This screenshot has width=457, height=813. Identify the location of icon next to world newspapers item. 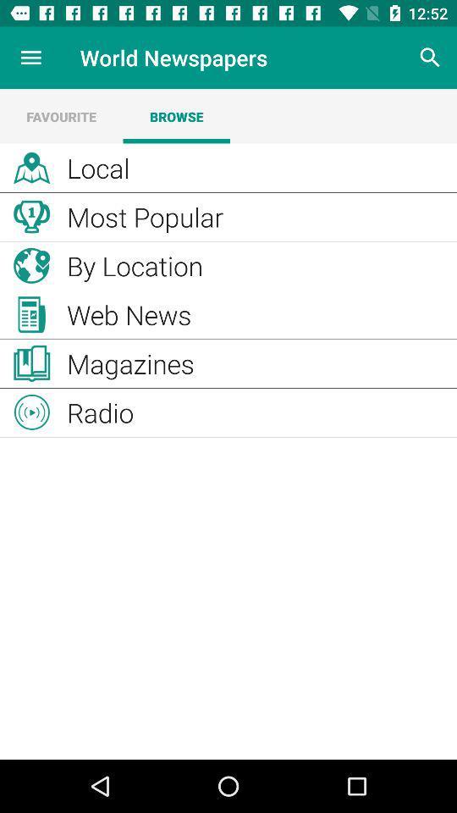
(430, 58).